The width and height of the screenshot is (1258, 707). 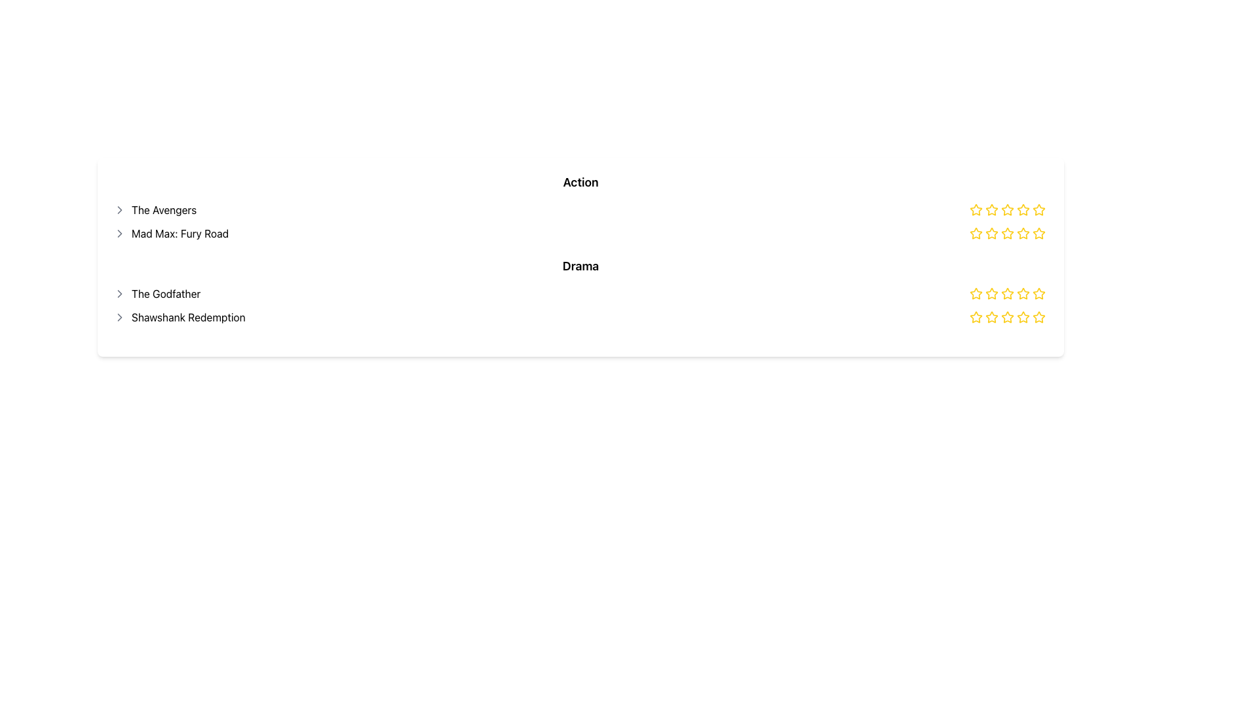 I want to click on the first yellow star-shaped Rating Star Icon associated with 'Shawshank Redemption', so click(x=975, y=316).